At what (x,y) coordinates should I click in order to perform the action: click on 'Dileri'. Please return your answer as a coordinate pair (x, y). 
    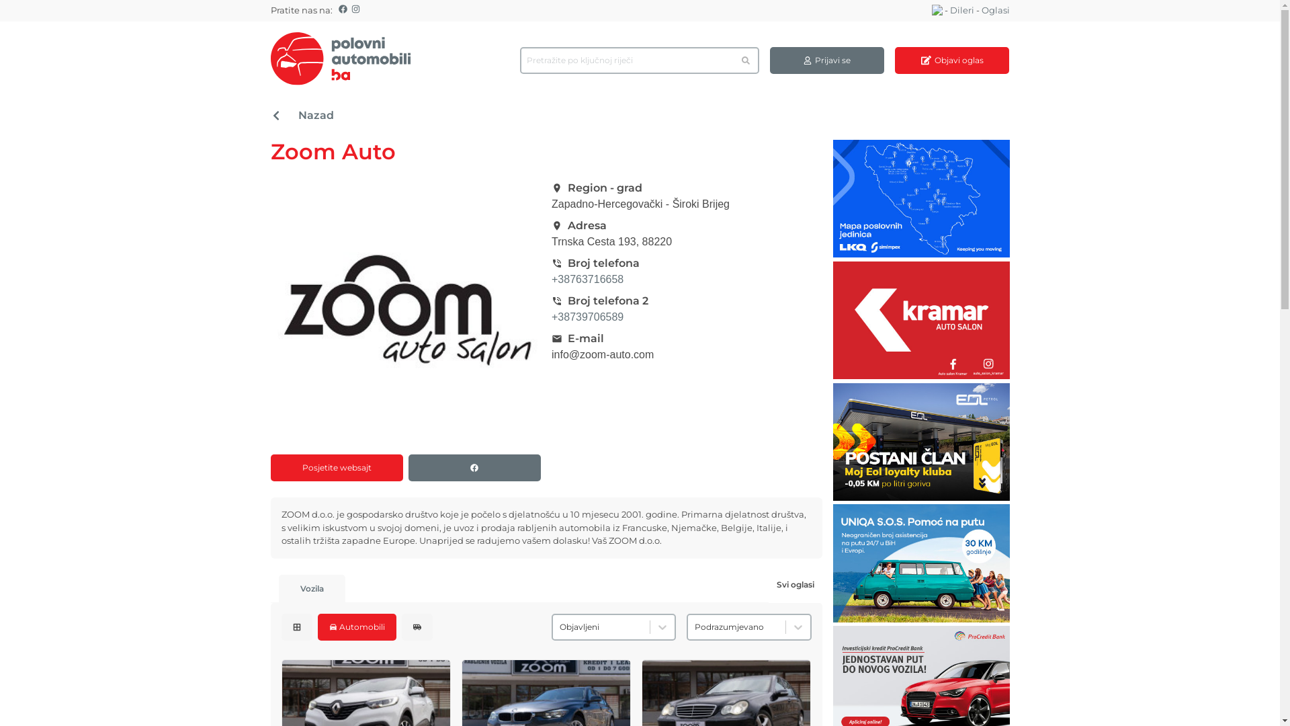
    Looking at the image, I should click on (961, 10).